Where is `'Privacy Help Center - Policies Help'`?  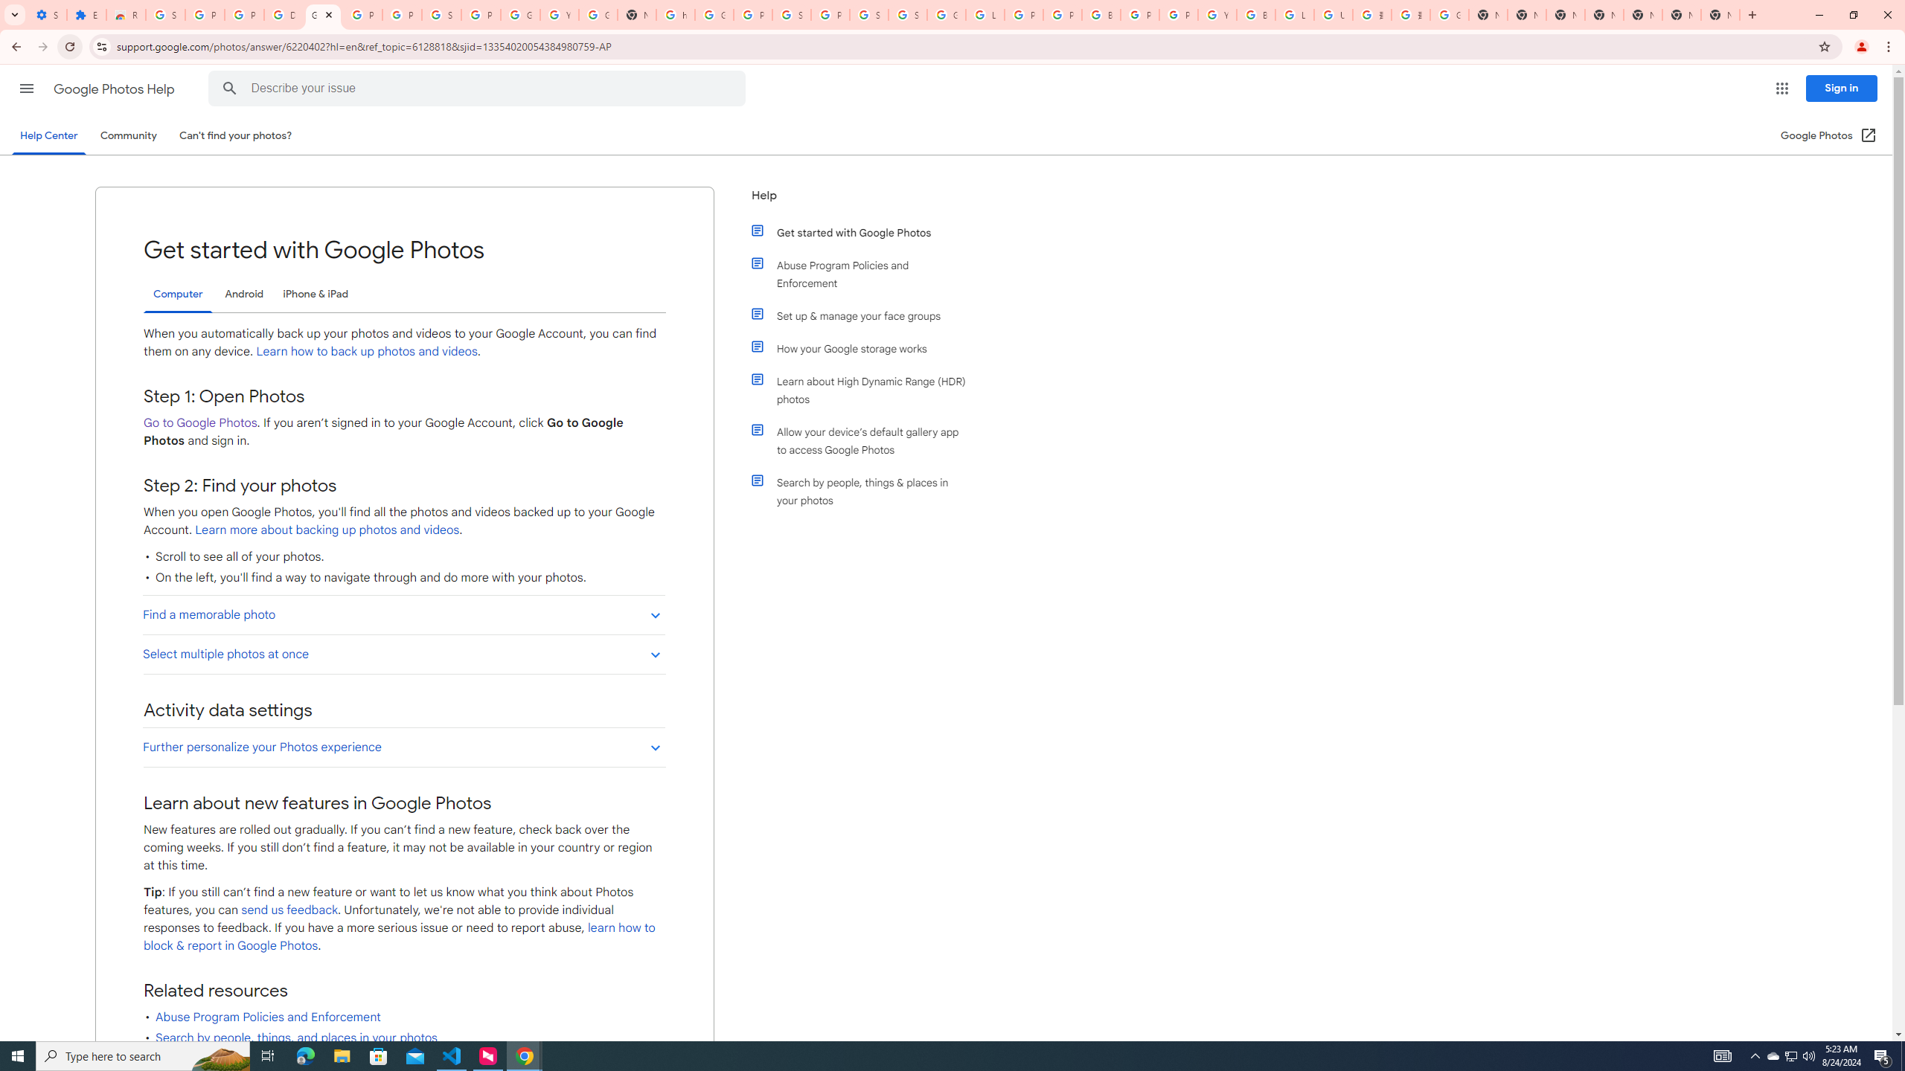
'Privacy Help Center - Policies Help' is located at coordinates (1061, 14).